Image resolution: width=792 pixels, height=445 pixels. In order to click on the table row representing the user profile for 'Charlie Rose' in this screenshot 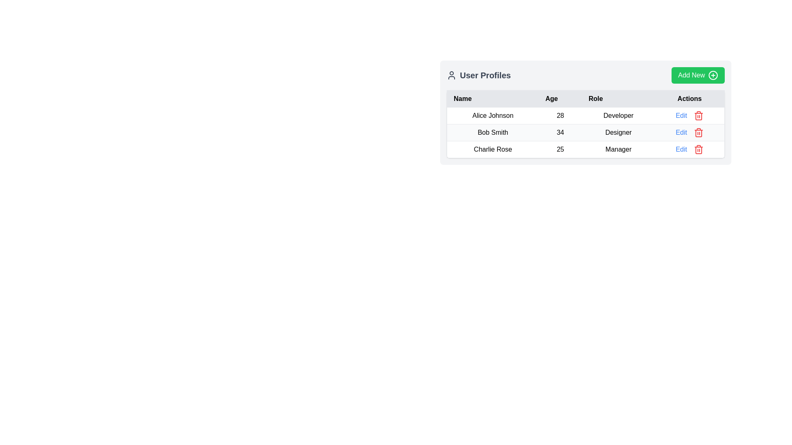, I will do `click(585, 149)`.